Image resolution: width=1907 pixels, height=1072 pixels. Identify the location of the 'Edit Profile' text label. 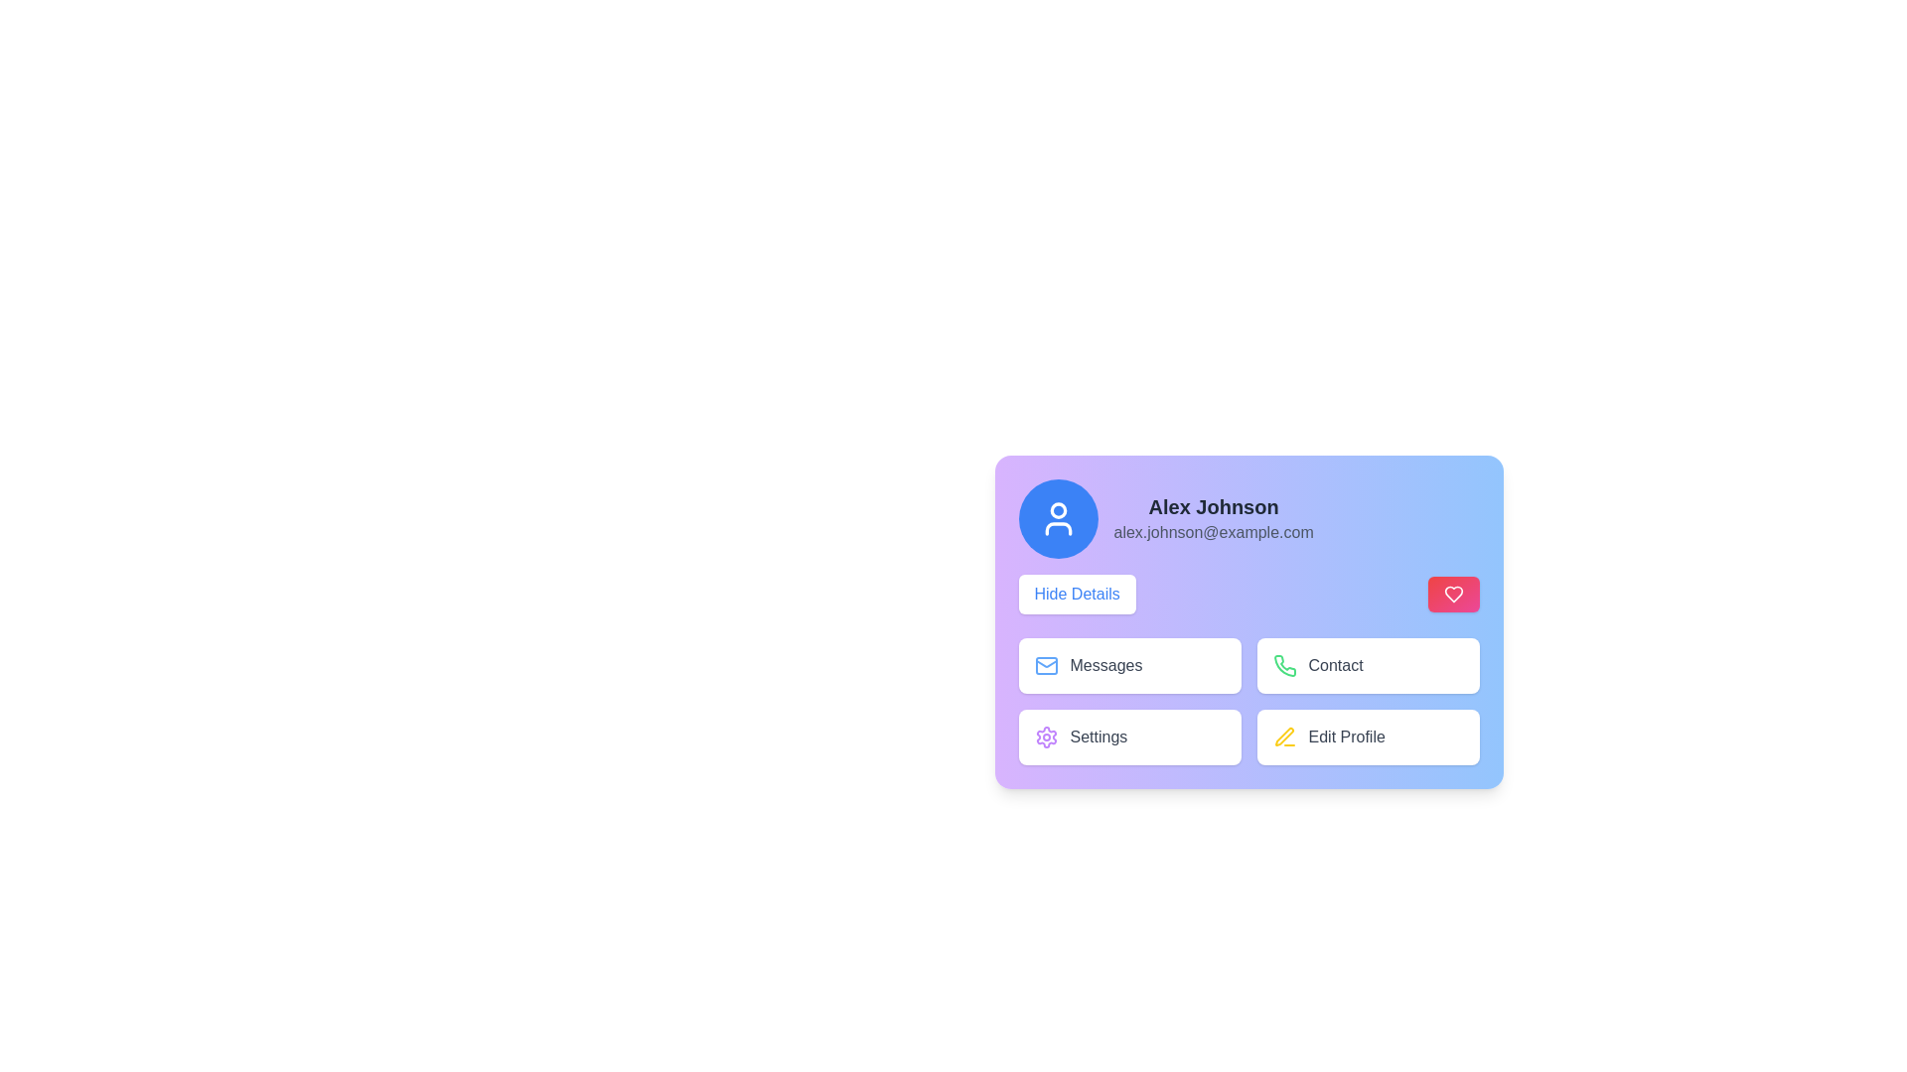
(1347, 737).